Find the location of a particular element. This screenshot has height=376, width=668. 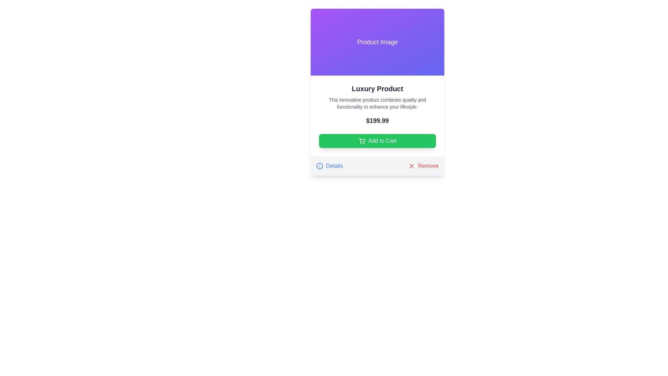

the red 'X' icon located at the bottom right corner of the card component is located at coordinates (412, 166).